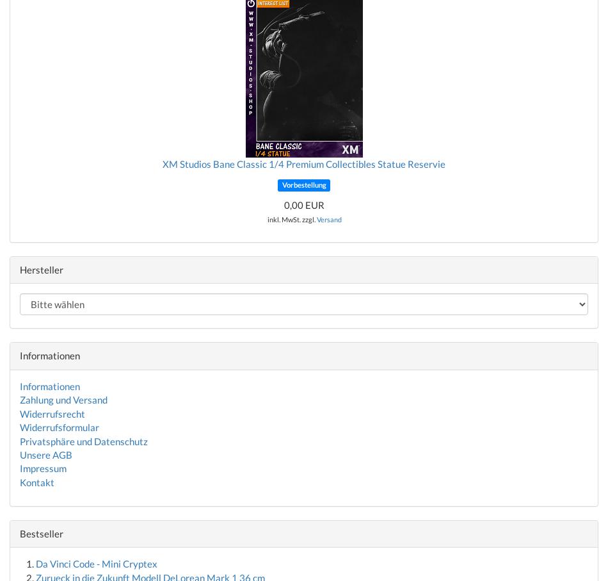  What do you see at coordinates (304, 162) in the screenshot?
I see `'XM Studios Bane Classic 1/4 Premium Collectibles Statue Reservie'` at bounding box center [304, 162].